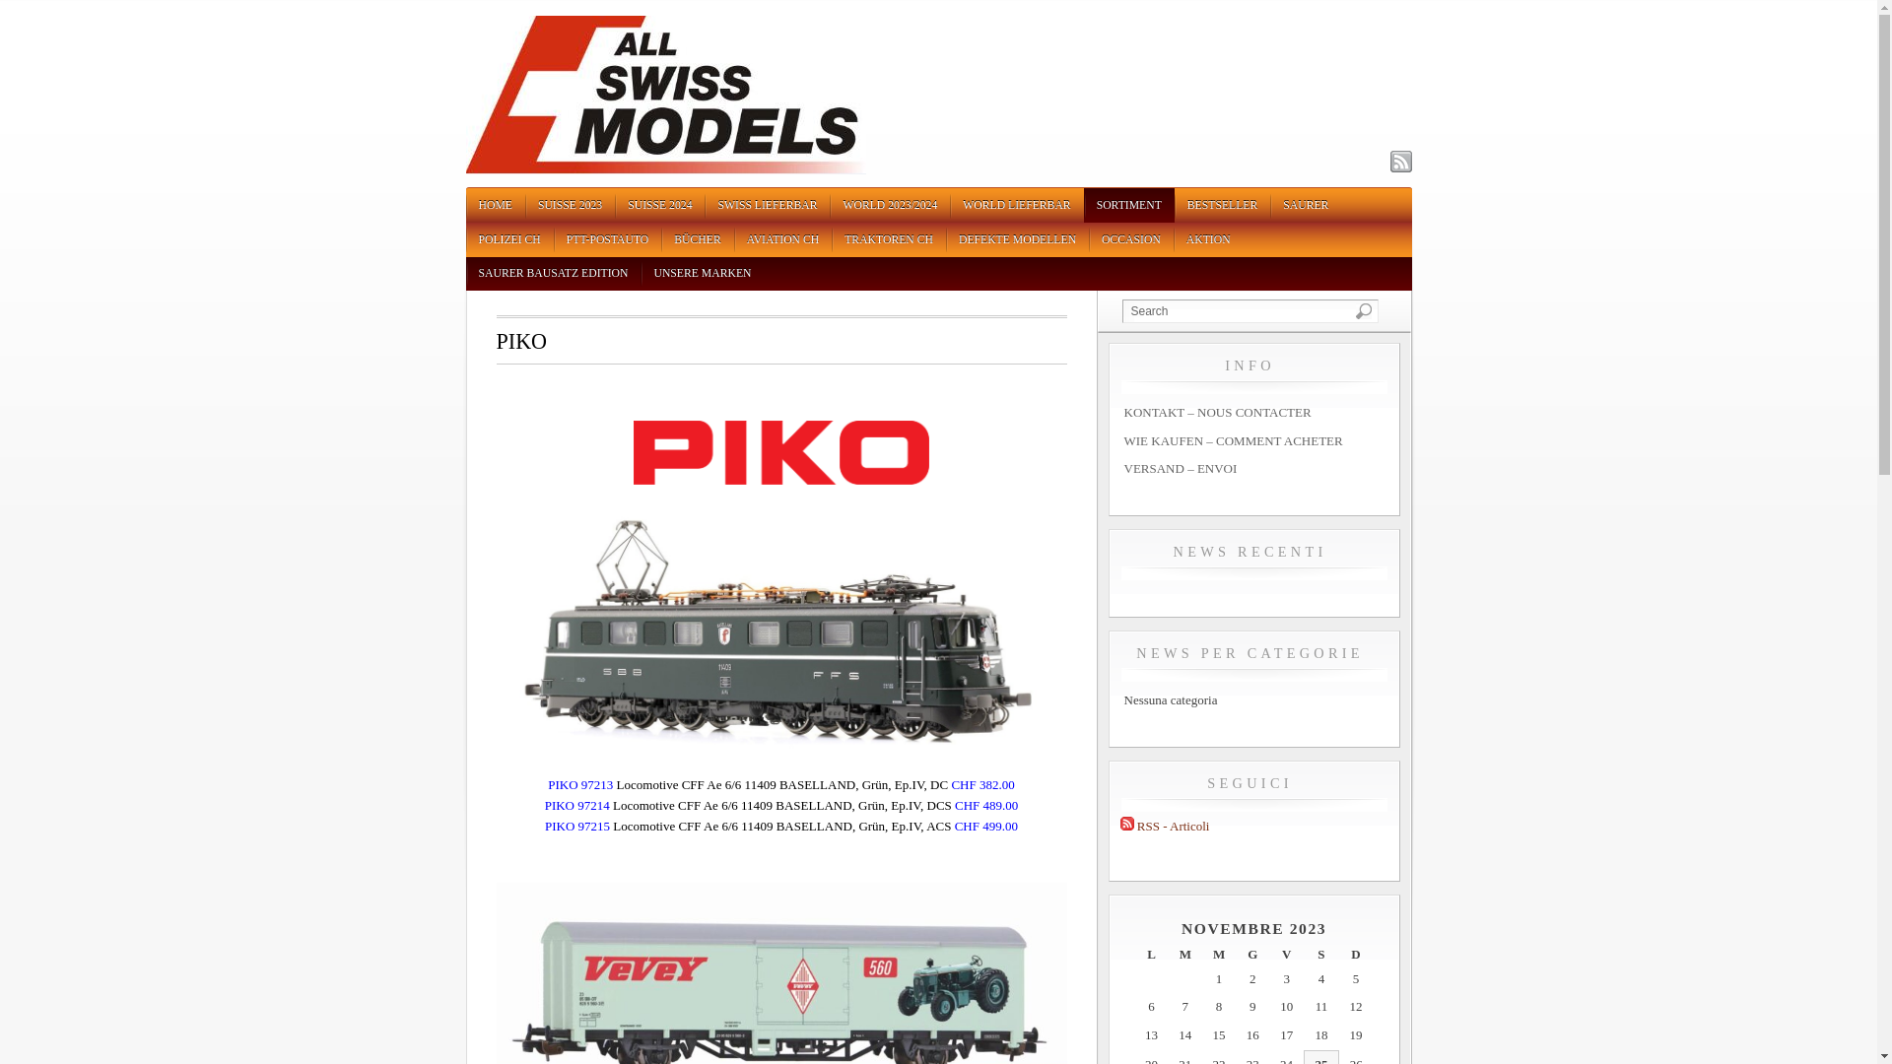 The height and width of the screenshot is (1064, 1892). I want to click on 'ALL SWISS MODELS', so click(665, 168).